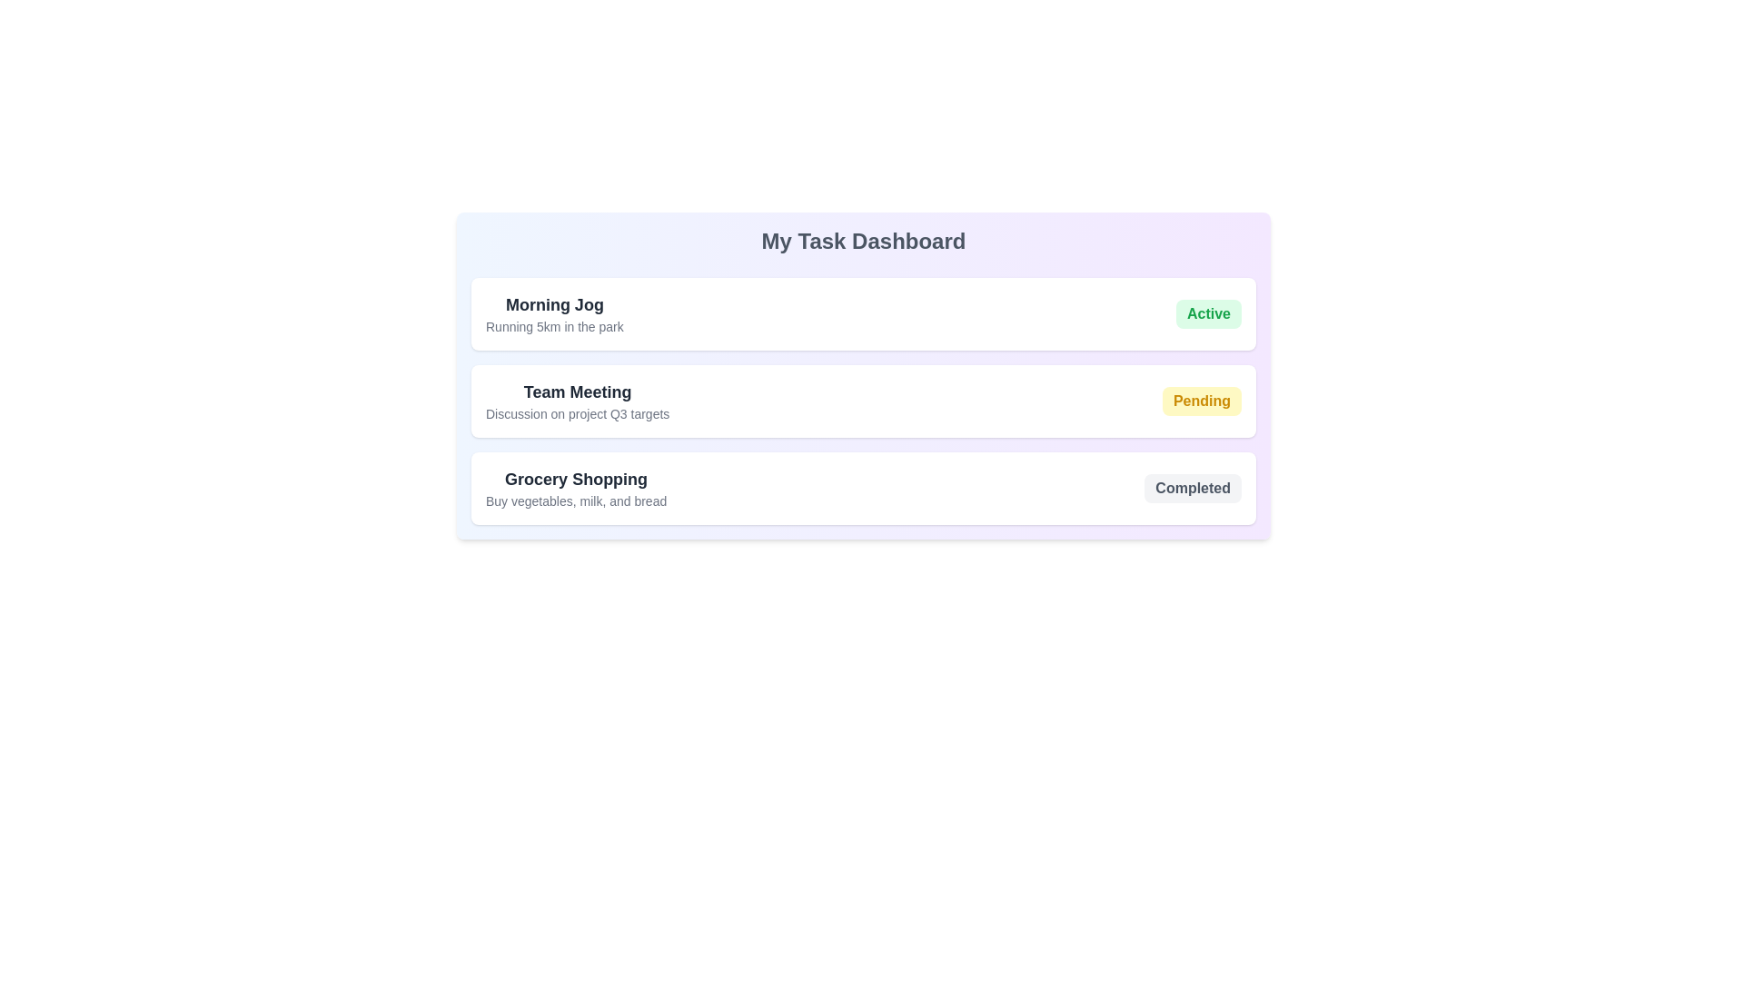 This screenshot has height=981, width=1744. I want to click on the text 'Morning Jog' to select it, so click(553, 303).